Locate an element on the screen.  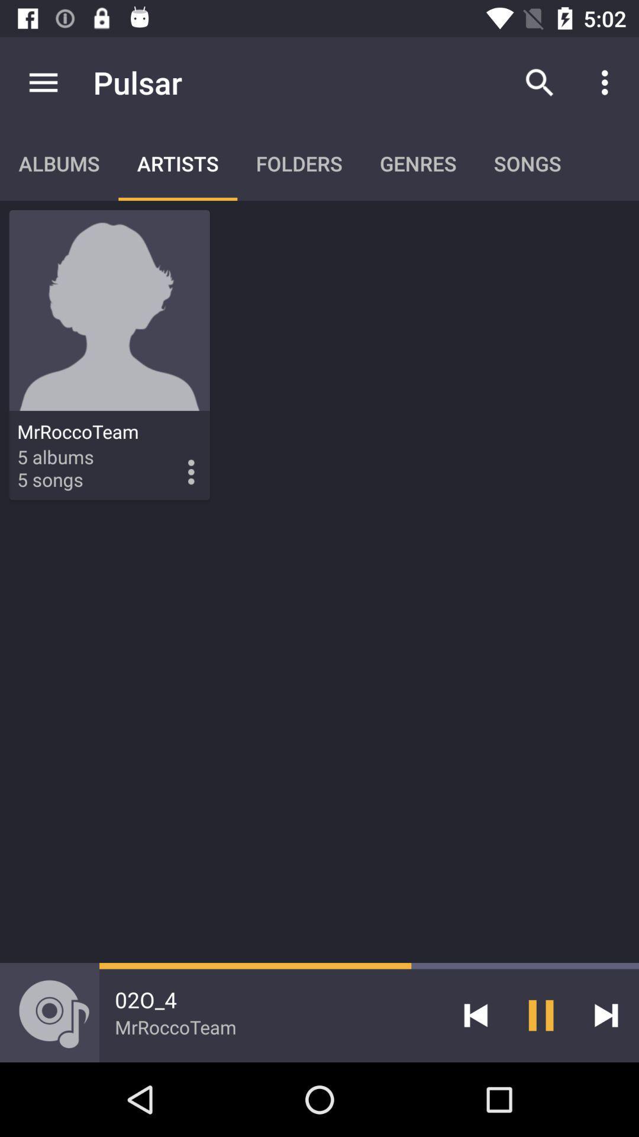
the app to the right of the pulsar is located at coordinates (539, 82).